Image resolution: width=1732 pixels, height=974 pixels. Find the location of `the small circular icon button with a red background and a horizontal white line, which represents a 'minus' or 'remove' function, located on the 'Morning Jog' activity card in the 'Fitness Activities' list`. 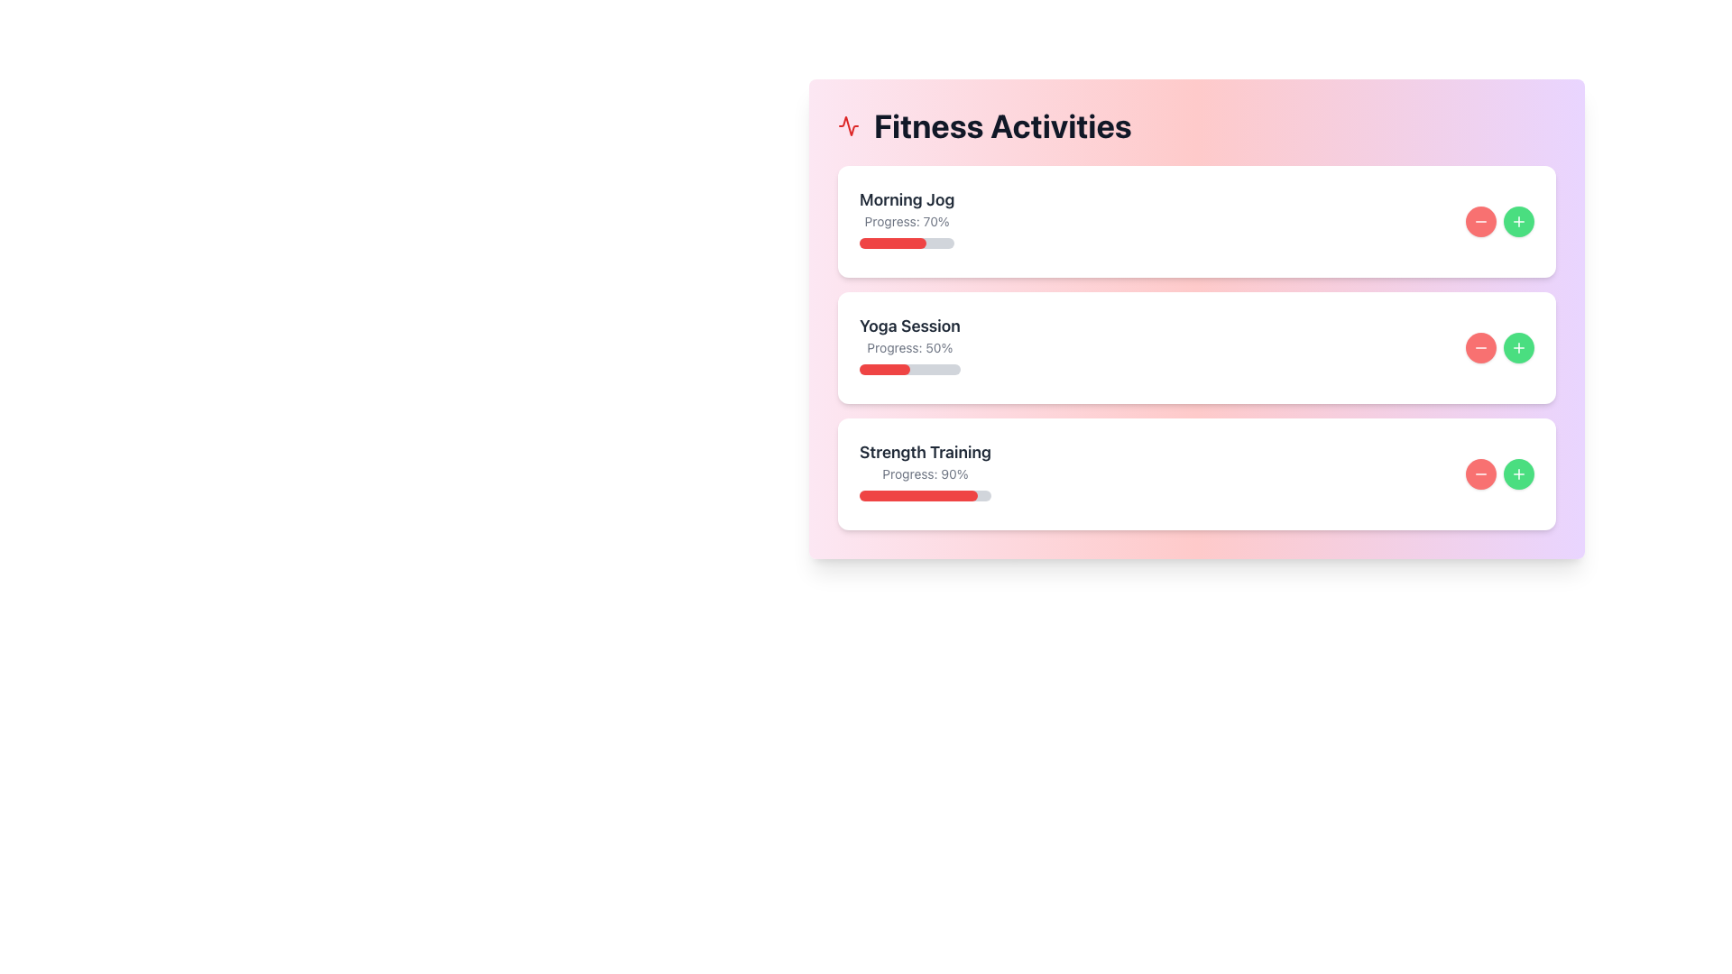

the small circular icon button with a red background and a horizontal white line, which represents a 'minus' or 'remove' function, located on the 'Morning Jog' activity card in the 'Fitness Activities' list is located at coordinates (1480, 473).